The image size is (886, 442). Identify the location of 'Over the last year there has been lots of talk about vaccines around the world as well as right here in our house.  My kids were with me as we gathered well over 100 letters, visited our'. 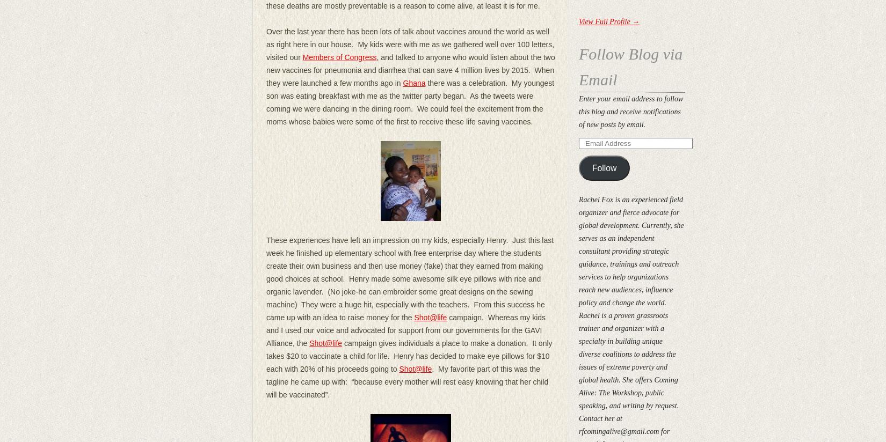
(409, 43).